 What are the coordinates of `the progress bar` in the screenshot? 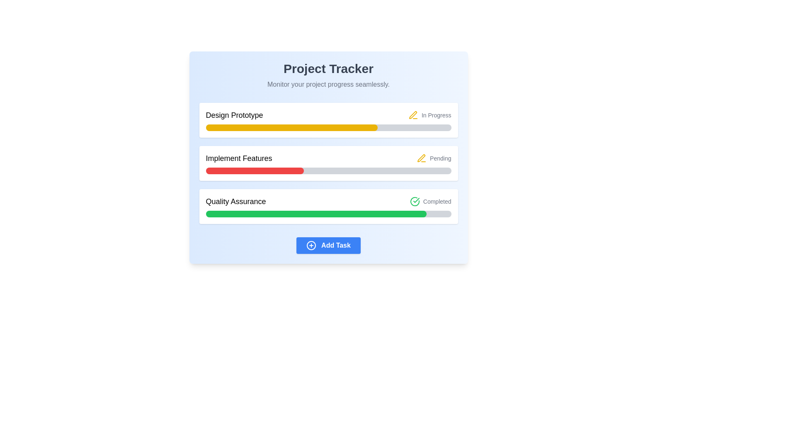 It's located at (286, 128).